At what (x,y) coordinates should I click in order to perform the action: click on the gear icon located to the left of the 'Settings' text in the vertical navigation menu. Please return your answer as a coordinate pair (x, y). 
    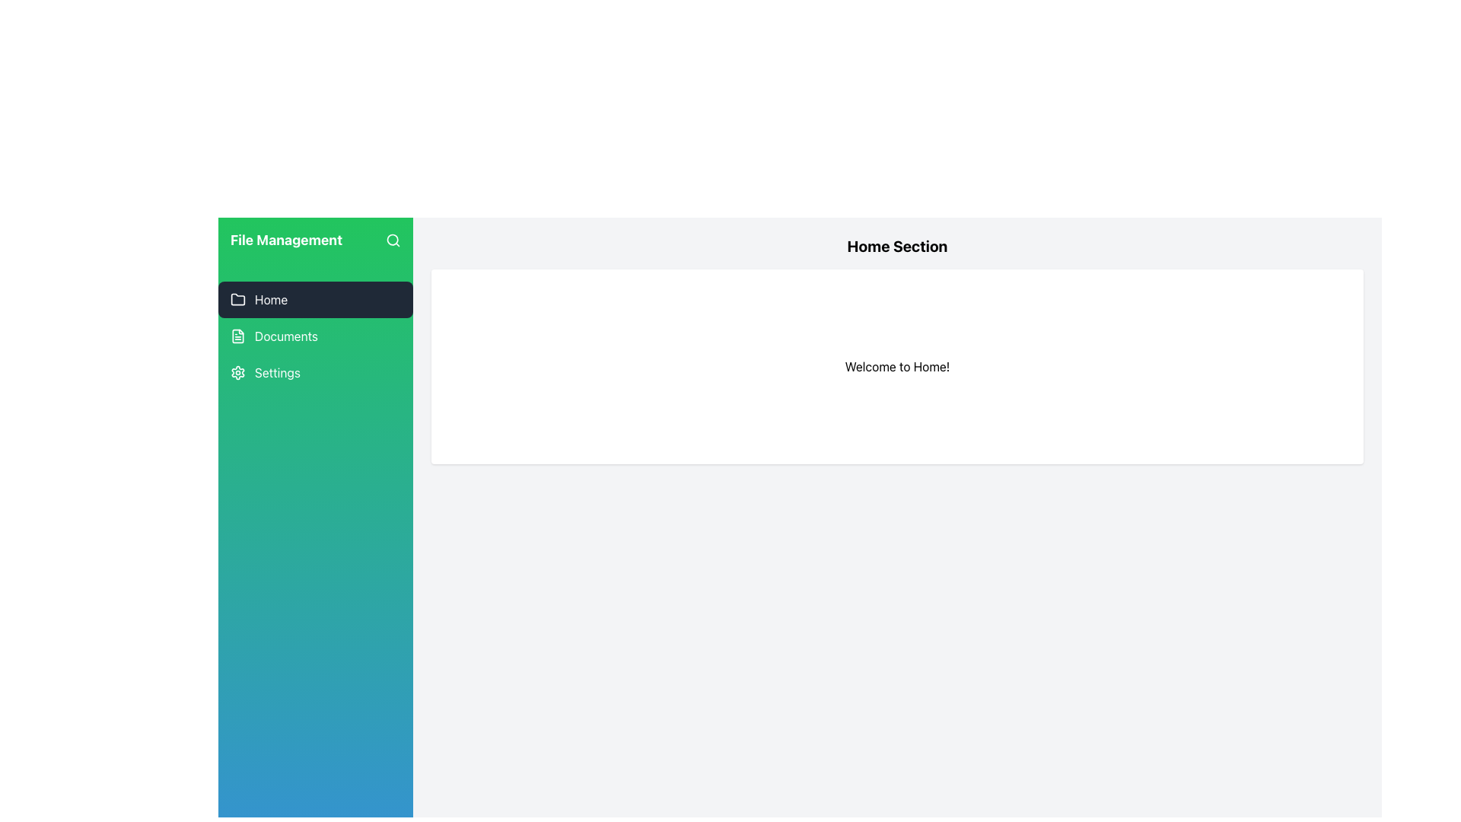
    Looking at the image, I should click on (237, 372).